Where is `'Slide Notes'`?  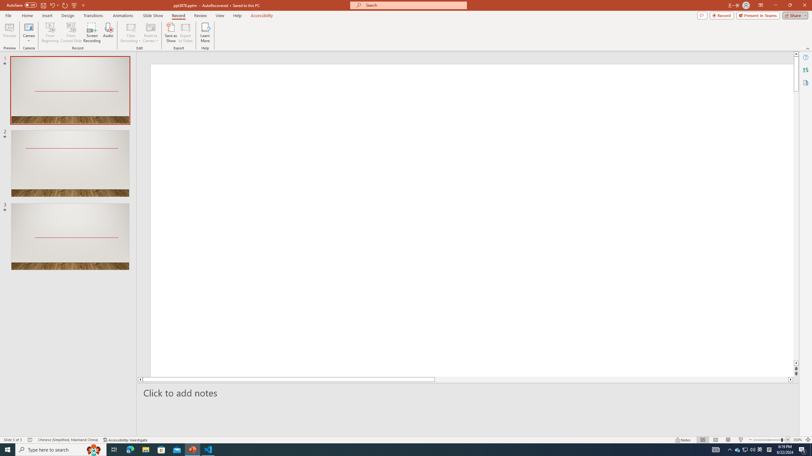 'Slide Notes' is located at coordinates (468, 393).